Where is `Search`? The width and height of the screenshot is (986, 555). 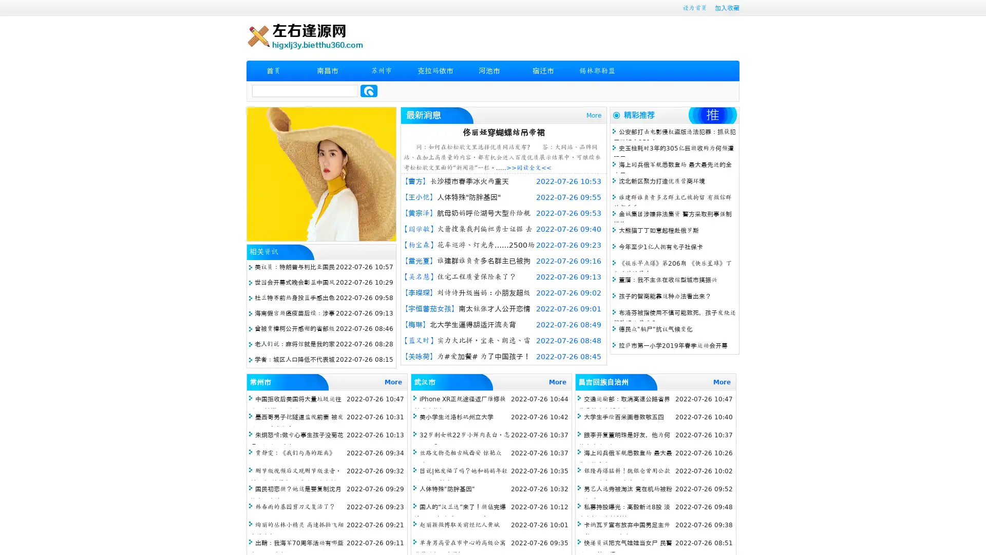 Search is located at coordinates (369, 90).